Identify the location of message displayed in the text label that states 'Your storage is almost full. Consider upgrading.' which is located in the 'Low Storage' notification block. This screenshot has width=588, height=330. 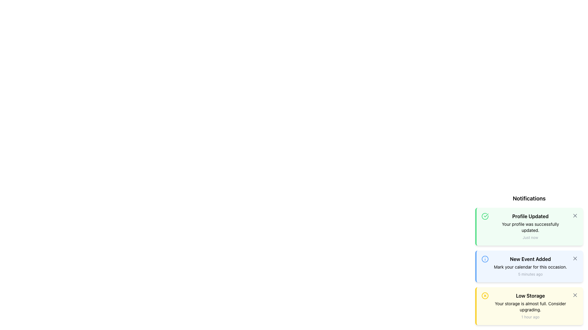
(530, 306).